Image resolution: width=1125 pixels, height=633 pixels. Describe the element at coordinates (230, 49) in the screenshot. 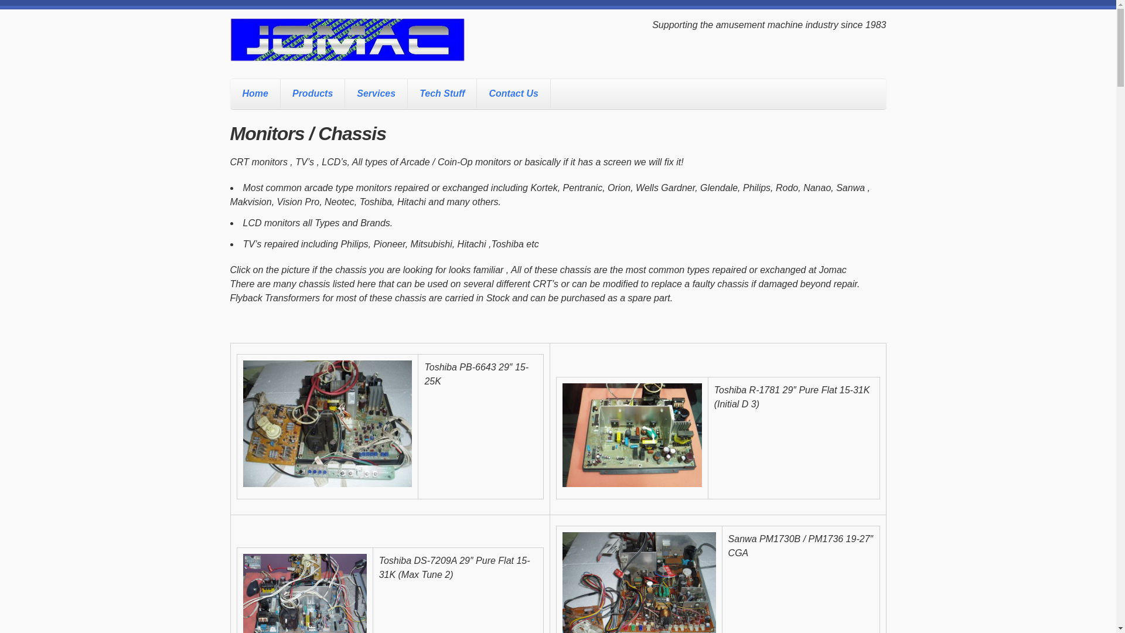

I see `'Jomac'` at that location.